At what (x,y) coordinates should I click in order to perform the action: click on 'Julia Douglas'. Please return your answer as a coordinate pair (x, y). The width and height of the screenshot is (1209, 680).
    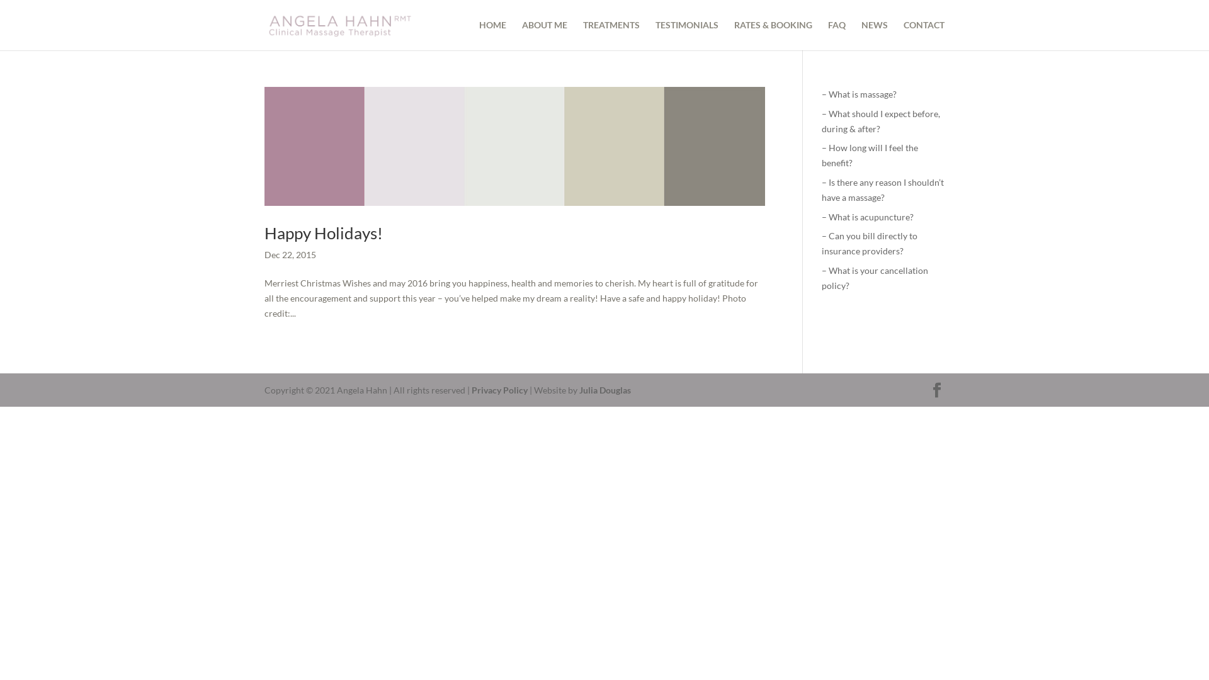
    Looking at the image, I should click on (579, 389).